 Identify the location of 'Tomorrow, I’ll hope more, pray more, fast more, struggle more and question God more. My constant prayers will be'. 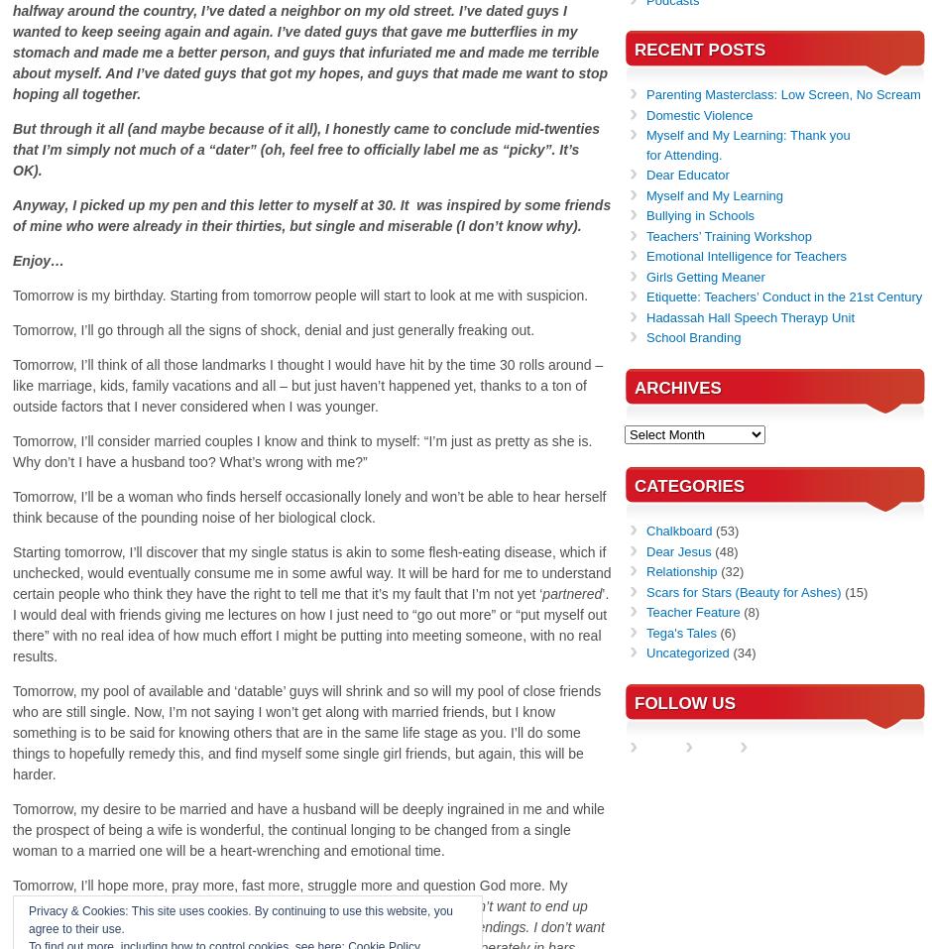
(12, 895).